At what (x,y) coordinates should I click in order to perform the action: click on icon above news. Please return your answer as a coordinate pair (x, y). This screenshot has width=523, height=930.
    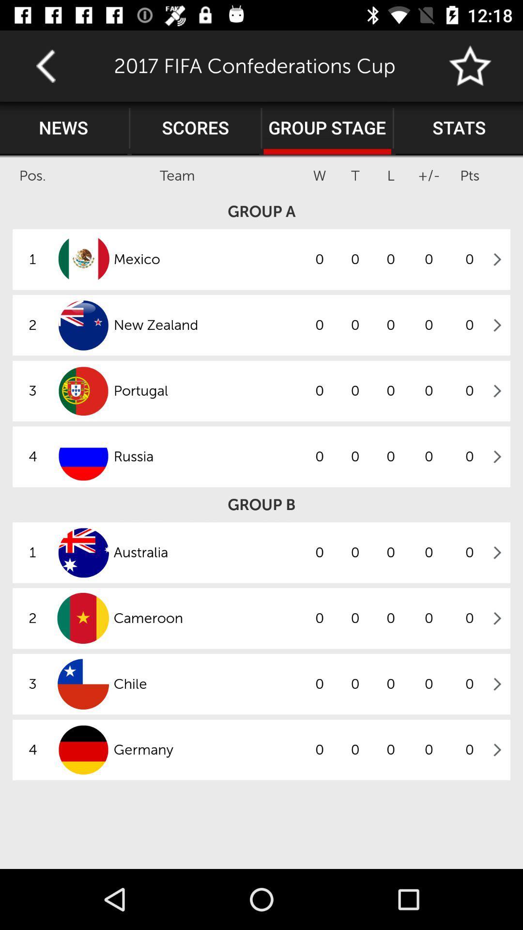
    Looking at the image, I should click on (46, 65).